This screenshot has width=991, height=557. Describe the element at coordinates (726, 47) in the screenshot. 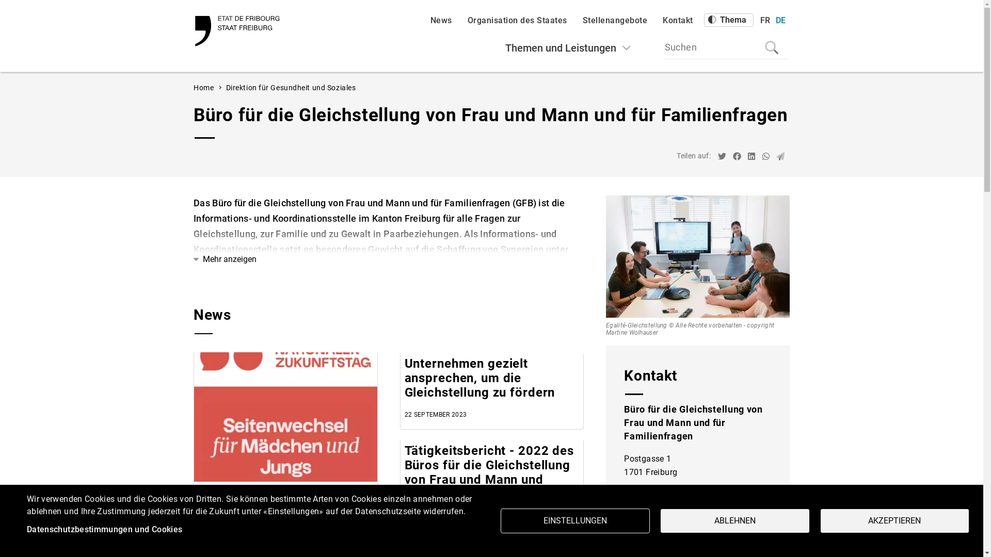

I see `'Suchen'` at that location.